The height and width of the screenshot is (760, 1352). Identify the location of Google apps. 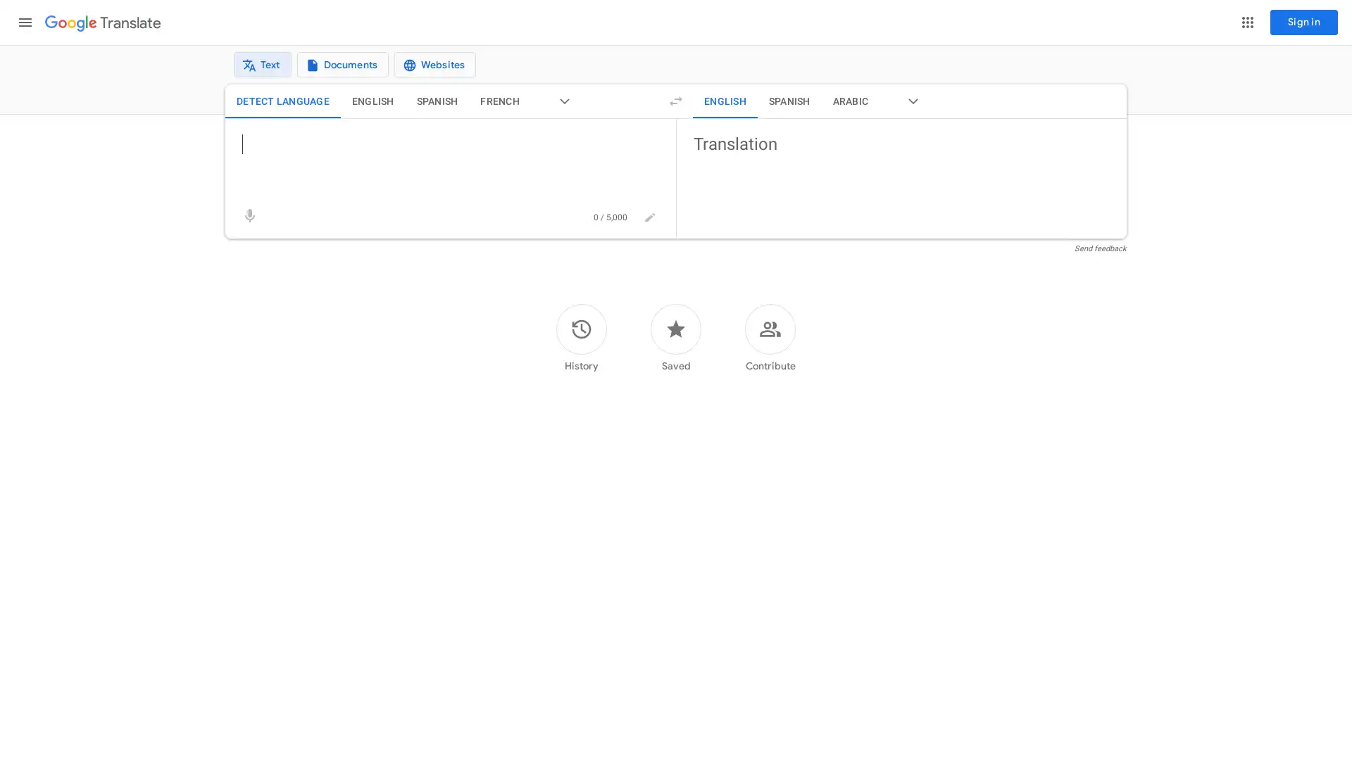
(1247, 22).